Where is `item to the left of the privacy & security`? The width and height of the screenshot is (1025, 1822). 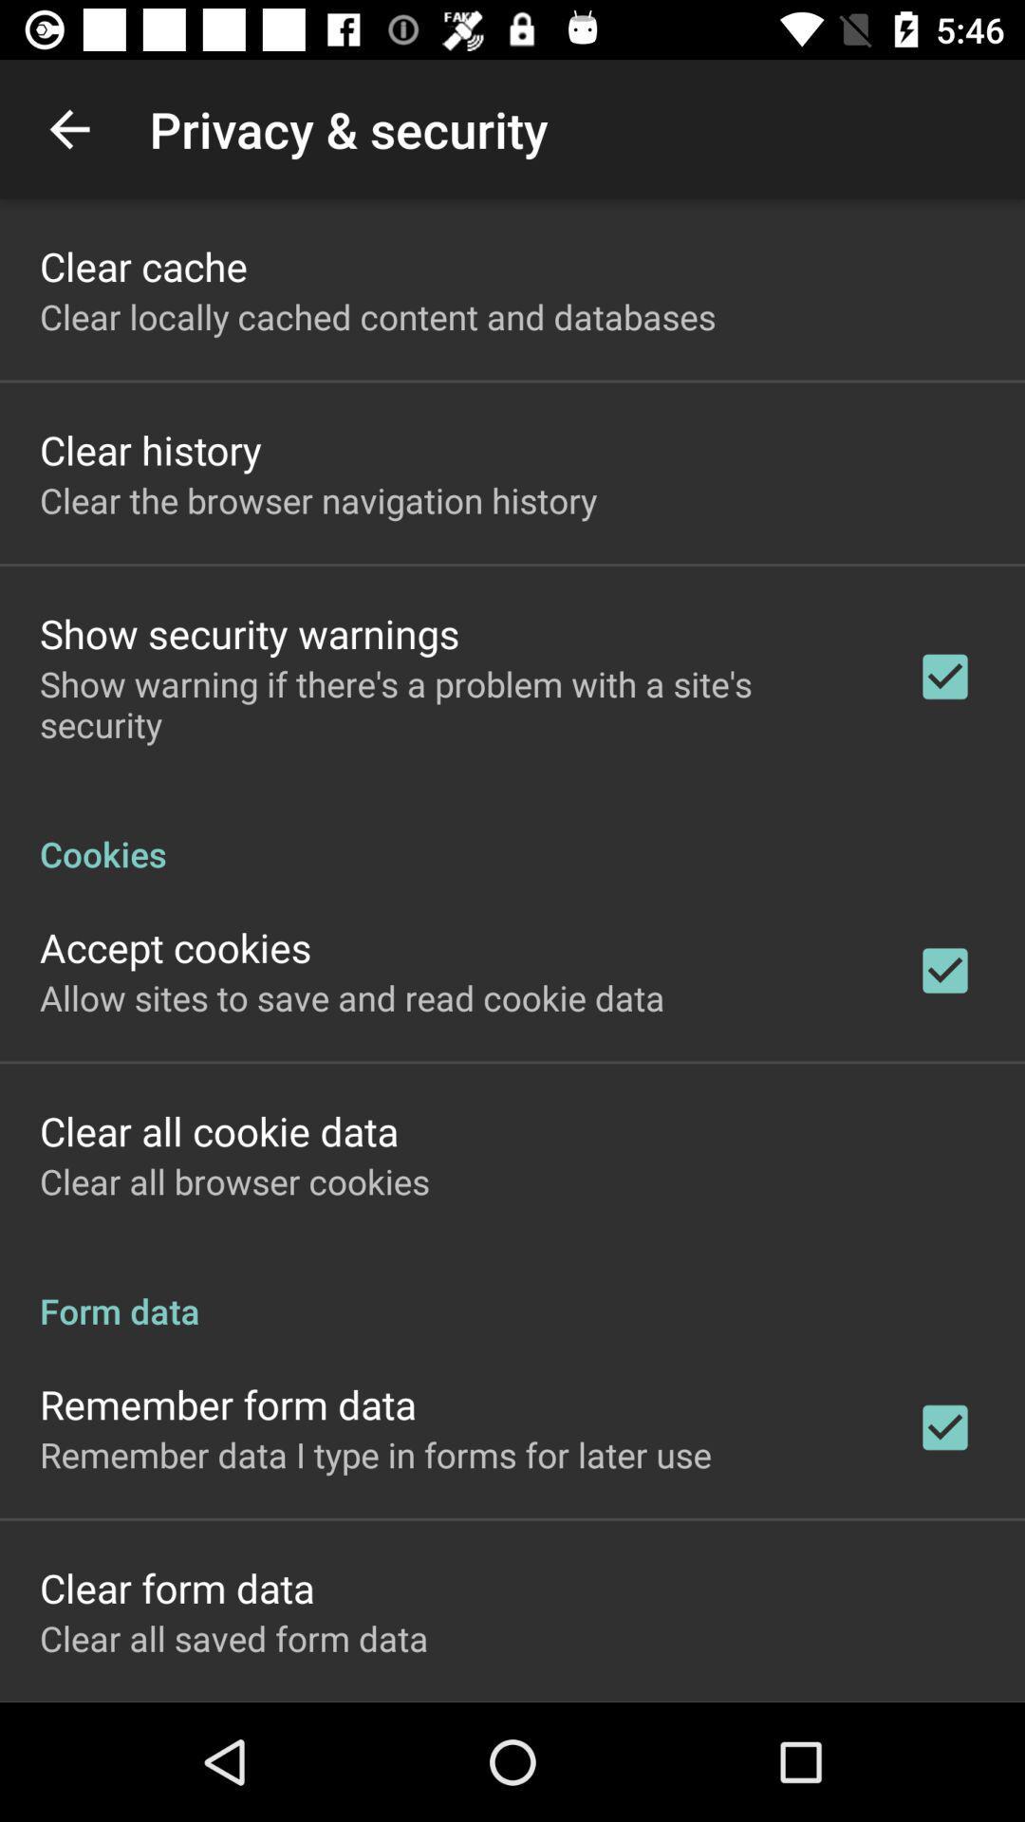 item to the left of the privacy & security is located at coordinates (68, 128).